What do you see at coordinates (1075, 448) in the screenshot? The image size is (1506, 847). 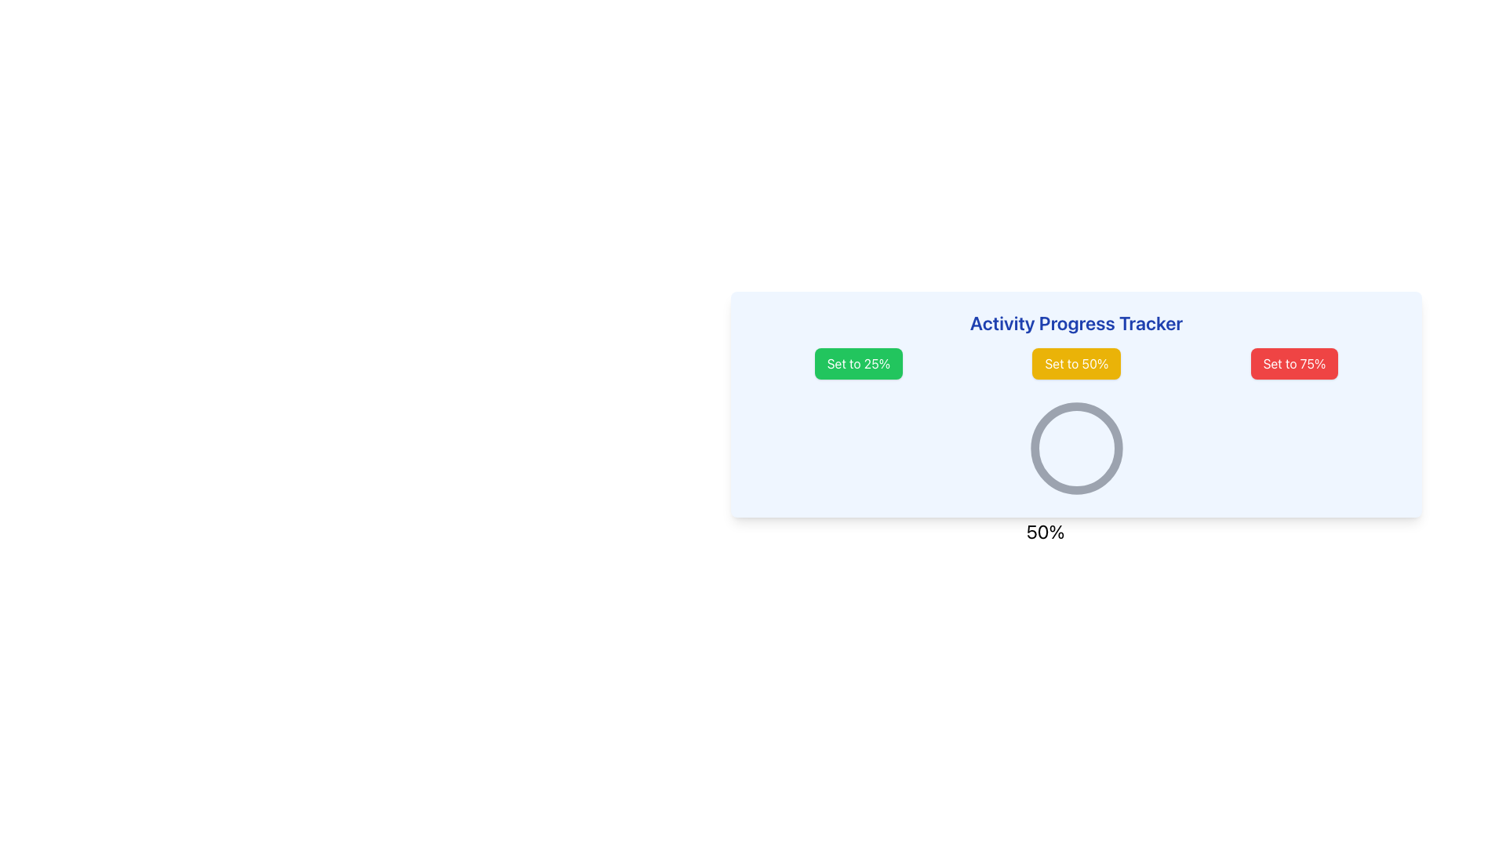 I see `the Circular Progress Indicator located beneath the buttons labeled 'Set to 25%', 'Set to 50%', and 'Set to 75%' in the 'Activity Progress Tracker' section` at bounding box center [1075, 448].